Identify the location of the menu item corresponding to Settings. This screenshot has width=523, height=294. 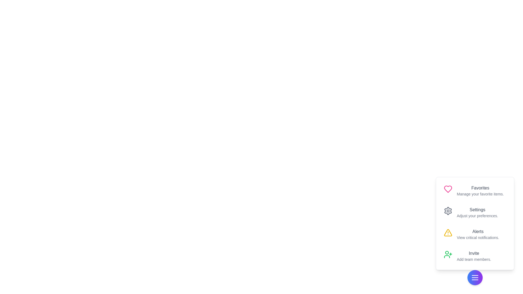
(475, 212).